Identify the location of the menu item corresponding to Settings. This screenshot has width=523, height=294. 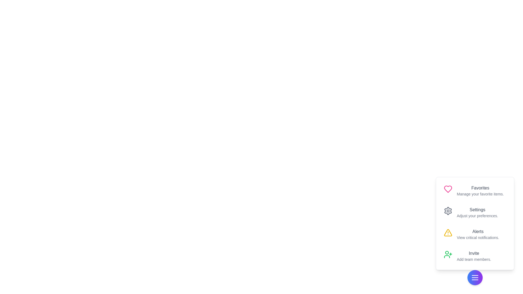
(475, 212).